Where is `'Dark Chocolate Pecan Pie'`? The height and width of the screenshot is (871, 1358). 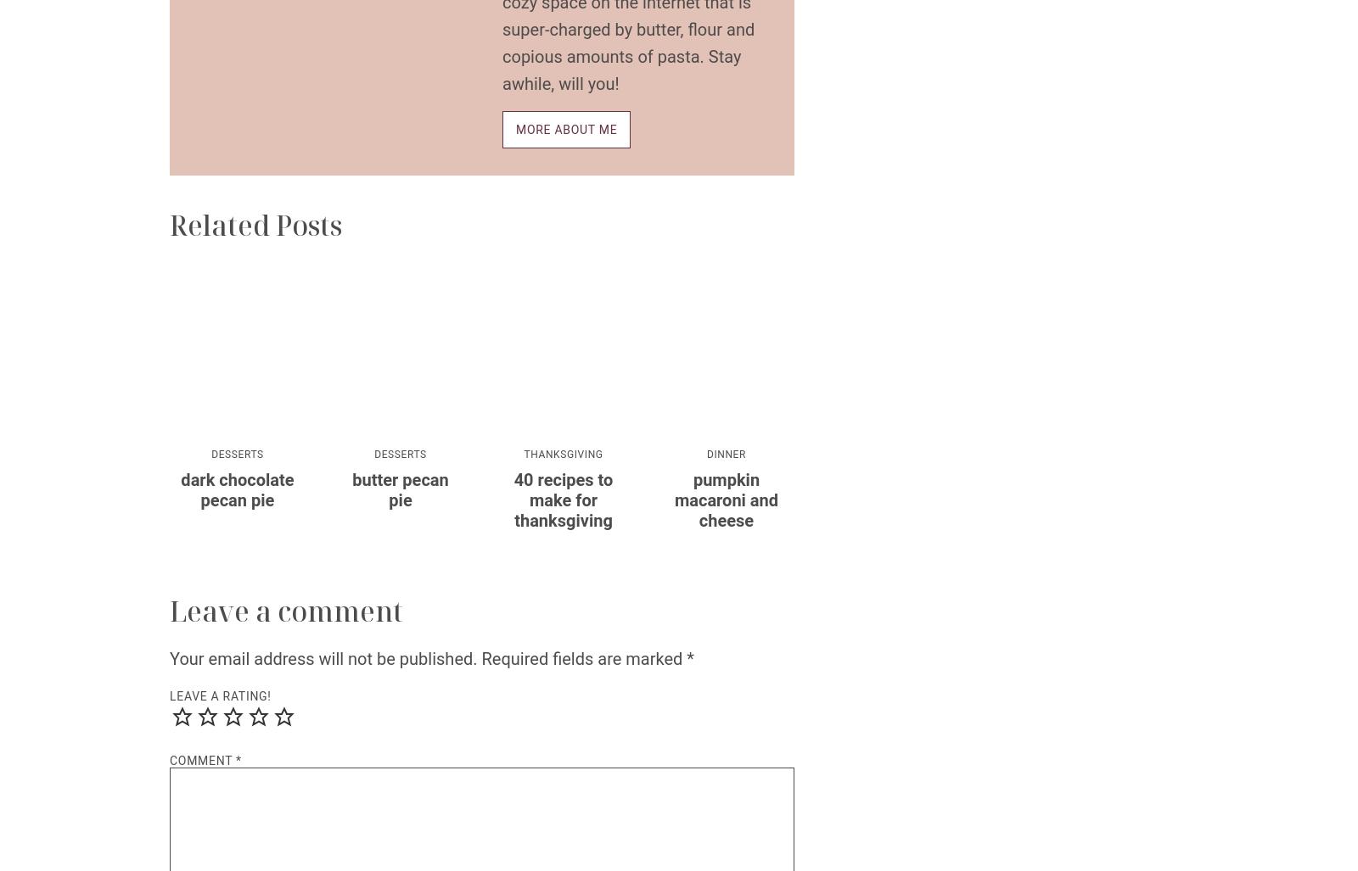
'Dark Chocolate Pecan Pie' is located at coordinates (180, 489).